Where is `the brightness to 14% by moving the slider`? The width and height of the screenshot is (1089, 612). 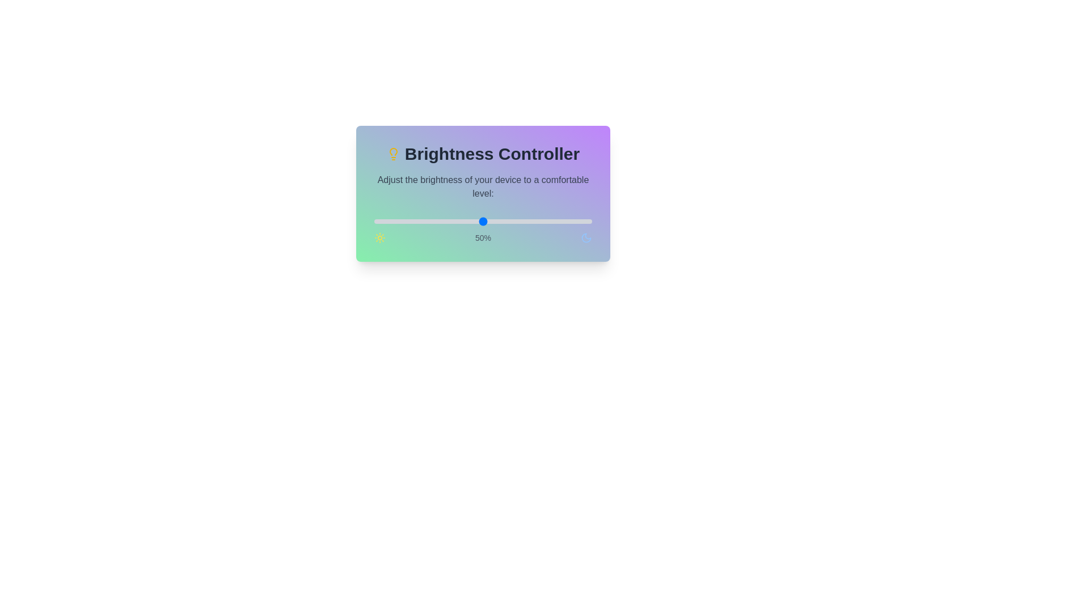
the brightness to 14% by moving the slider is located at coordinates (404, 221).